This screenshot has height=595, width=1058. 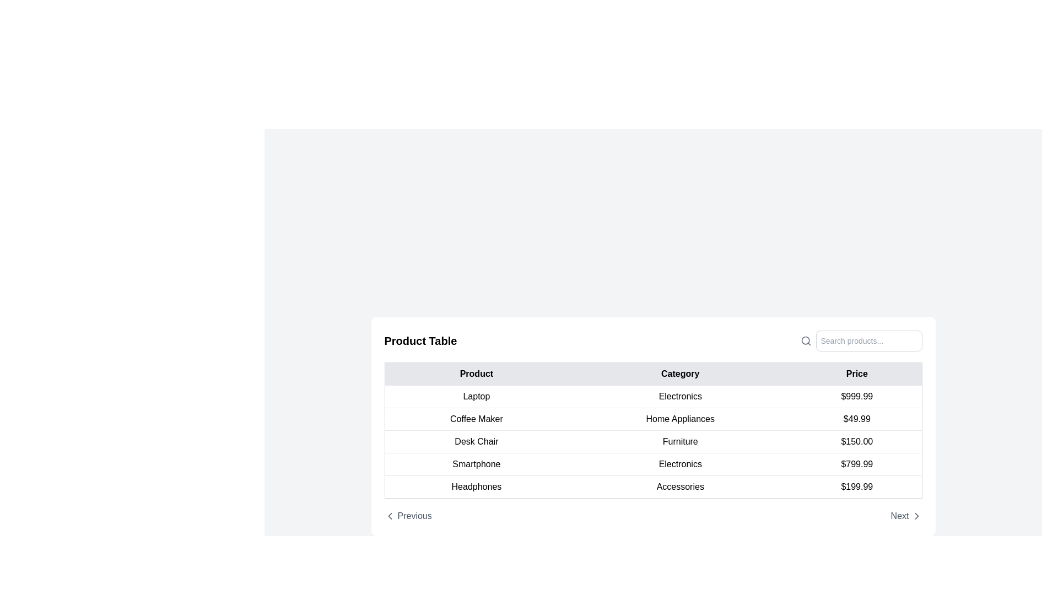 I want to click on the Text label displaying the price of the product 'Desk Chair' in the third row of the table under the 'Price' column, so click(x=856, y=441).